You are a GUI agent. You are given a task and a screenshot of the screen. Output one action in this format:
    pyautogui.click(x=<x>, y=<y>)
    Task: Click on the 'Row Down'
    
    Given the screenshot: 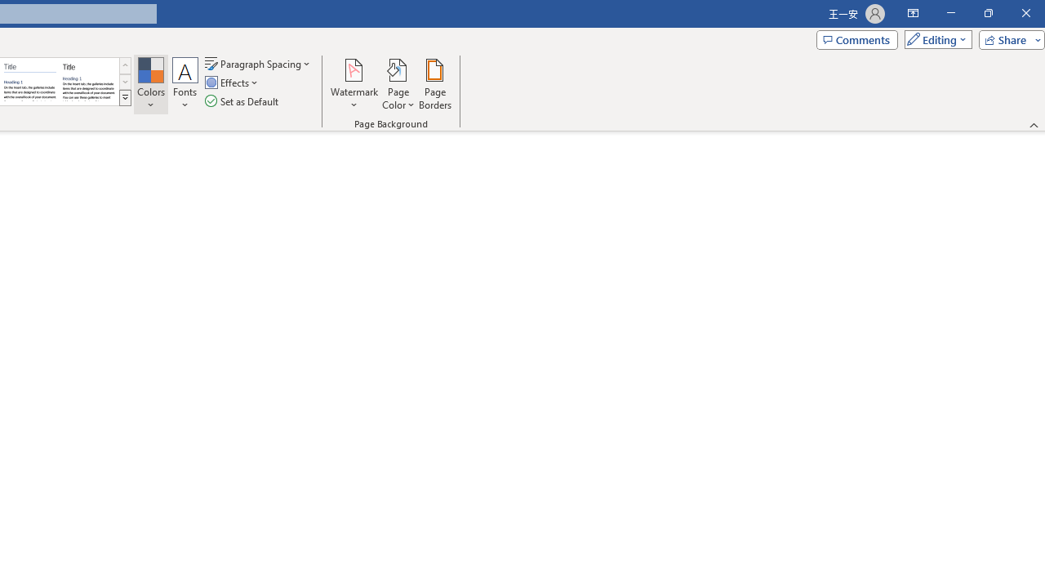 What is the action you would take?
    pyautogui.click(x=124, y=82)
    